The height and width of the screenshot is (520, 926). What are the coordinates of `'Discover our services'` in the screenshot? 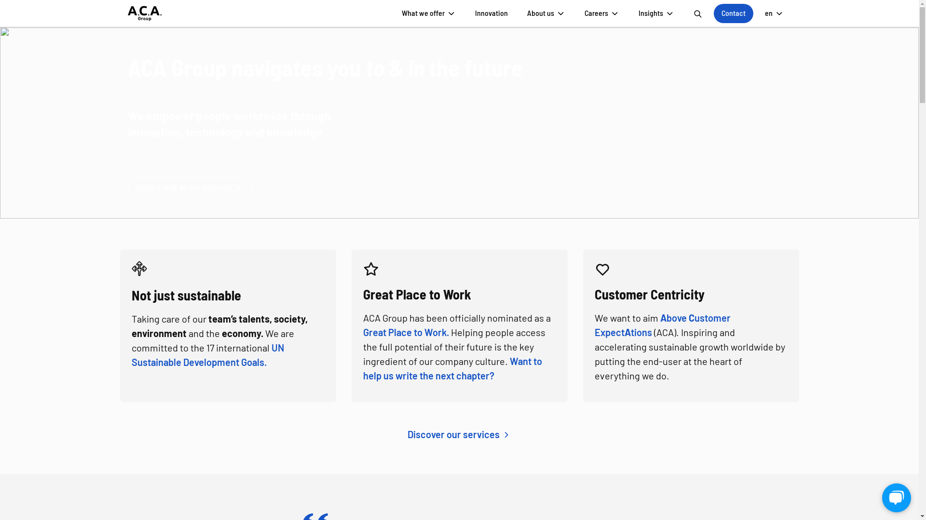 It's located at (459, 434).